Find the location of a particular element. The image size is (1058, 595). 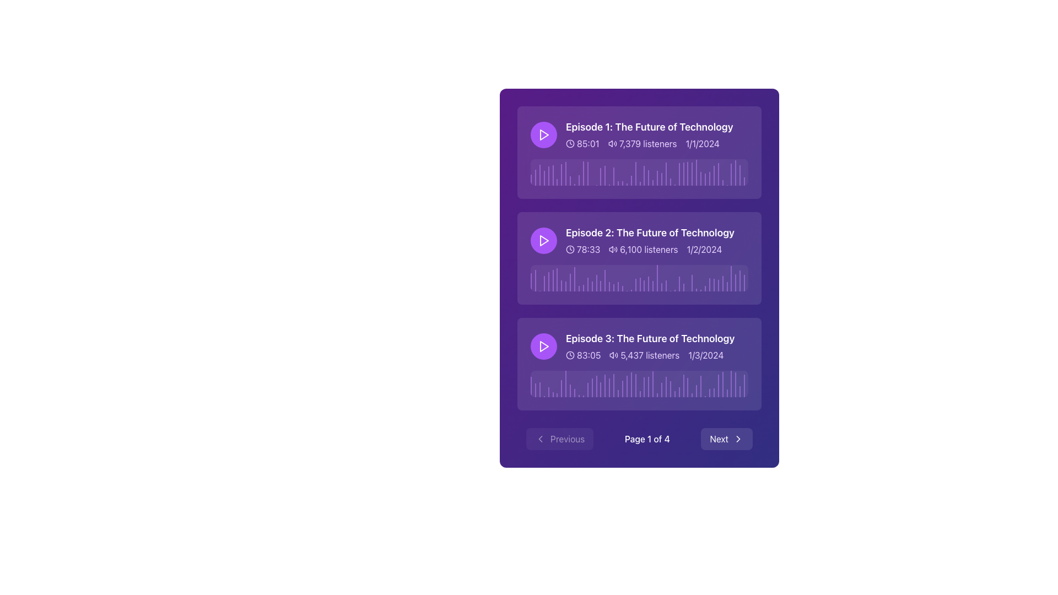

the position of the distinctive purple vertical bar within the waveform section of the episode card titled 'Episode 3: The Future of Technology' is located at coordinates (683, 385).